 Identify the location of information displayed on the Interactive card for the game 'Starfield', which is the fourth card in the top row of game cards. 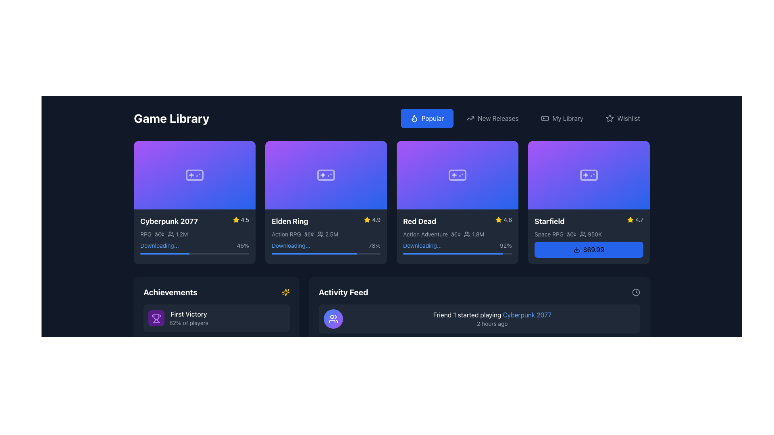
(589, 201).